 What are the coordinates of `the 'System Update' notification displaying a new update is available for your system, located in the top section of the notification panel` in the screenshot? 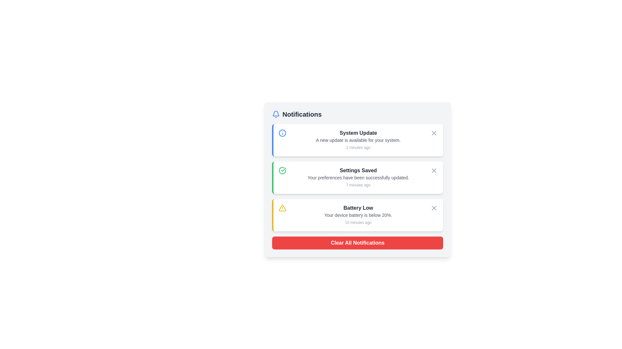 It's located at (358, 140).